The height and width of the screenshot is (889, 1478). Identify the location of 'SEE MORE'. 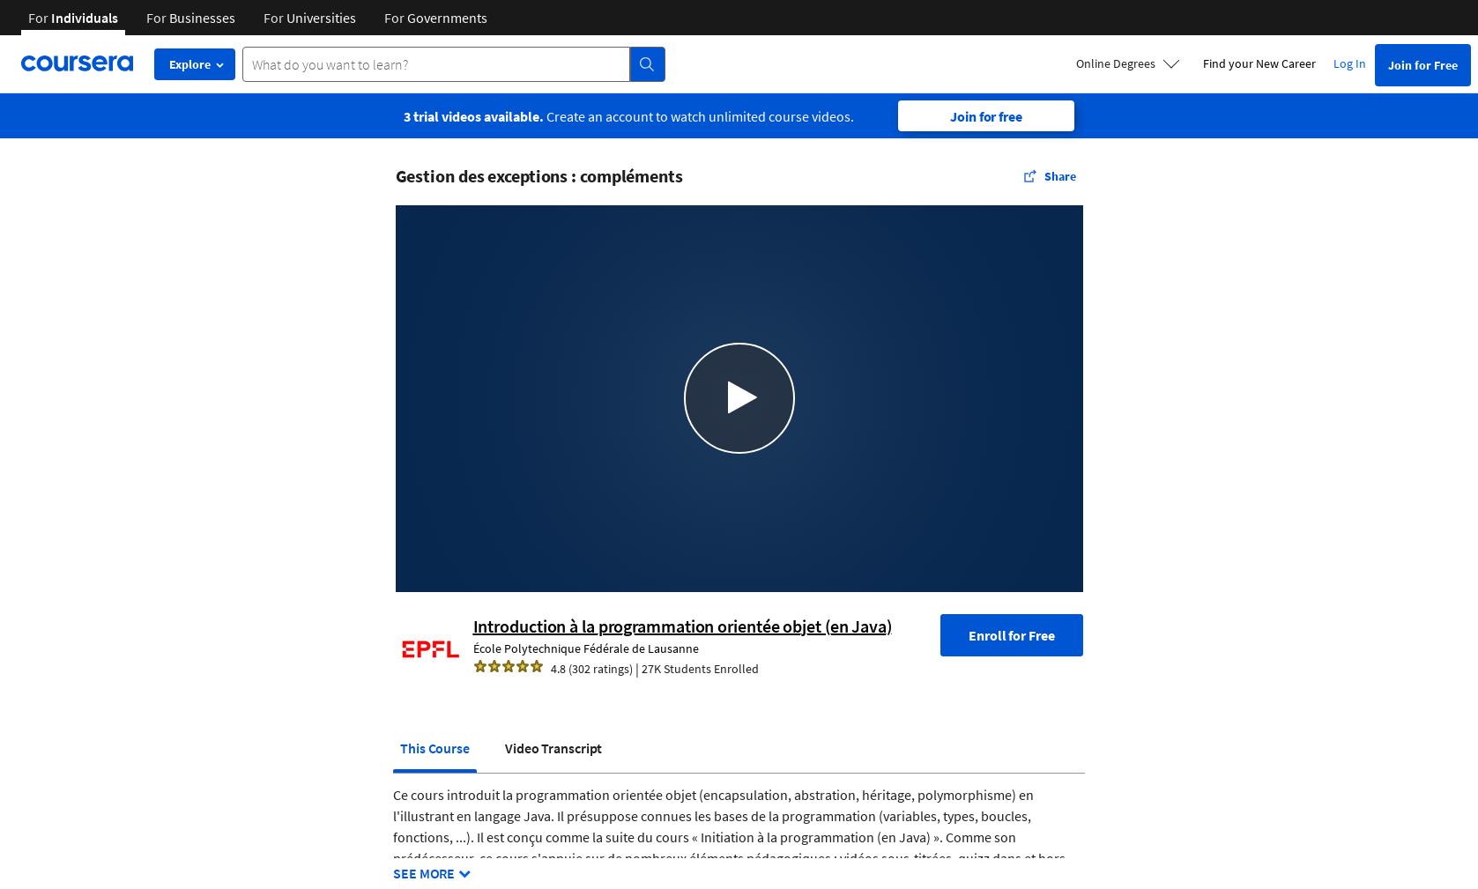
(422, 872).